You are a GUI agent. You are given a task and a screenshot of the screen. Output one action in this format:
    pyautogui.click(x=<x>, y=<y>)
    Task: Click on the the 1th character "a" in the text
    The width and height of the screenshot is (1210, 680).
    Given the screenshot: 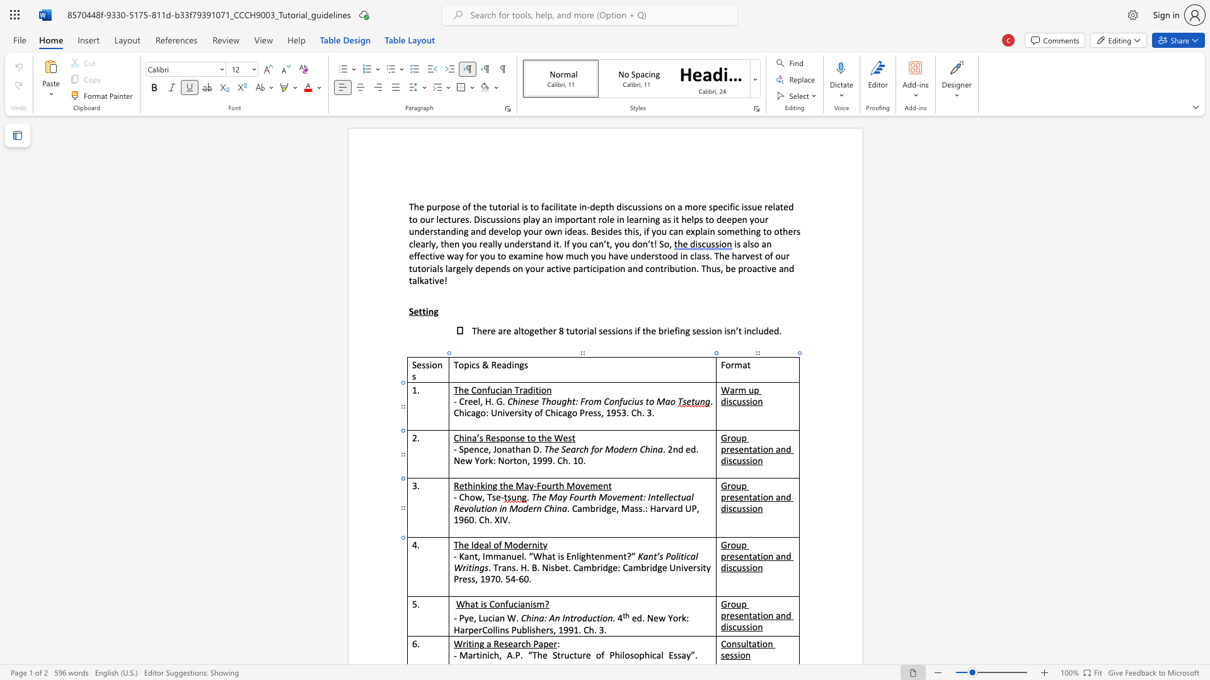 What is the action you would take?
    pyautogui.click(x=486, y=544)
    